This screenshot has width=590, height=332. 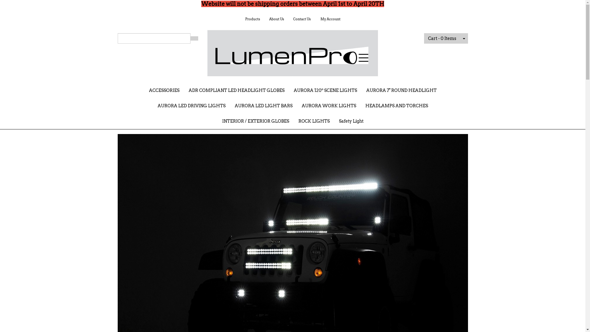 What do you see at coordinates (164, 90) in the screenshot?
I see `'ACCESSORIES'` at bounding box center [164, 90].